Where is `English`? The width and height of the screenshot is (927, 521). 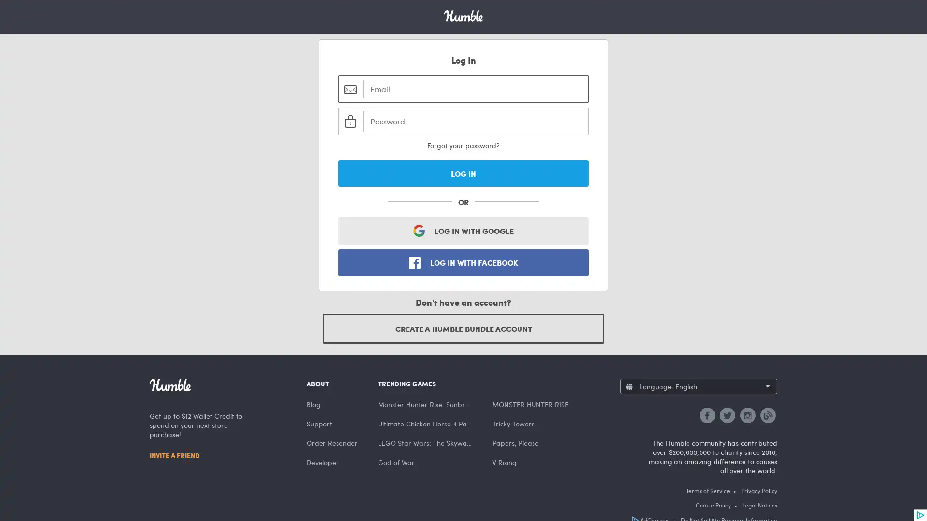
English is located at coordinates (639, 433).